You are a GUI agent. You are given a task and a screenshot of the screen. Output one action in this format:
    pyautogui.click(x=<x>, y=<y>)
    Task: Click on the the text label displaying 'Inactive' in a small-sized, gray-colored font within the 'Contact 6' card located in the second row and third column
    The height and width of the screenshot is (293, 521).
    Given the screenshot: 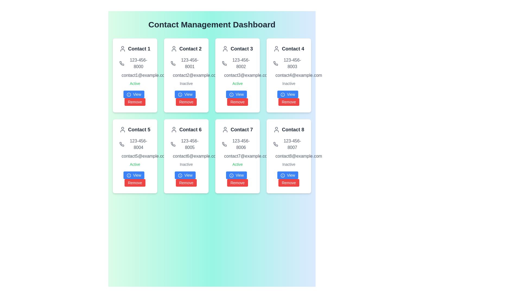 What is the action you would take?
    pyautogui.click(x=186, y=164)
    